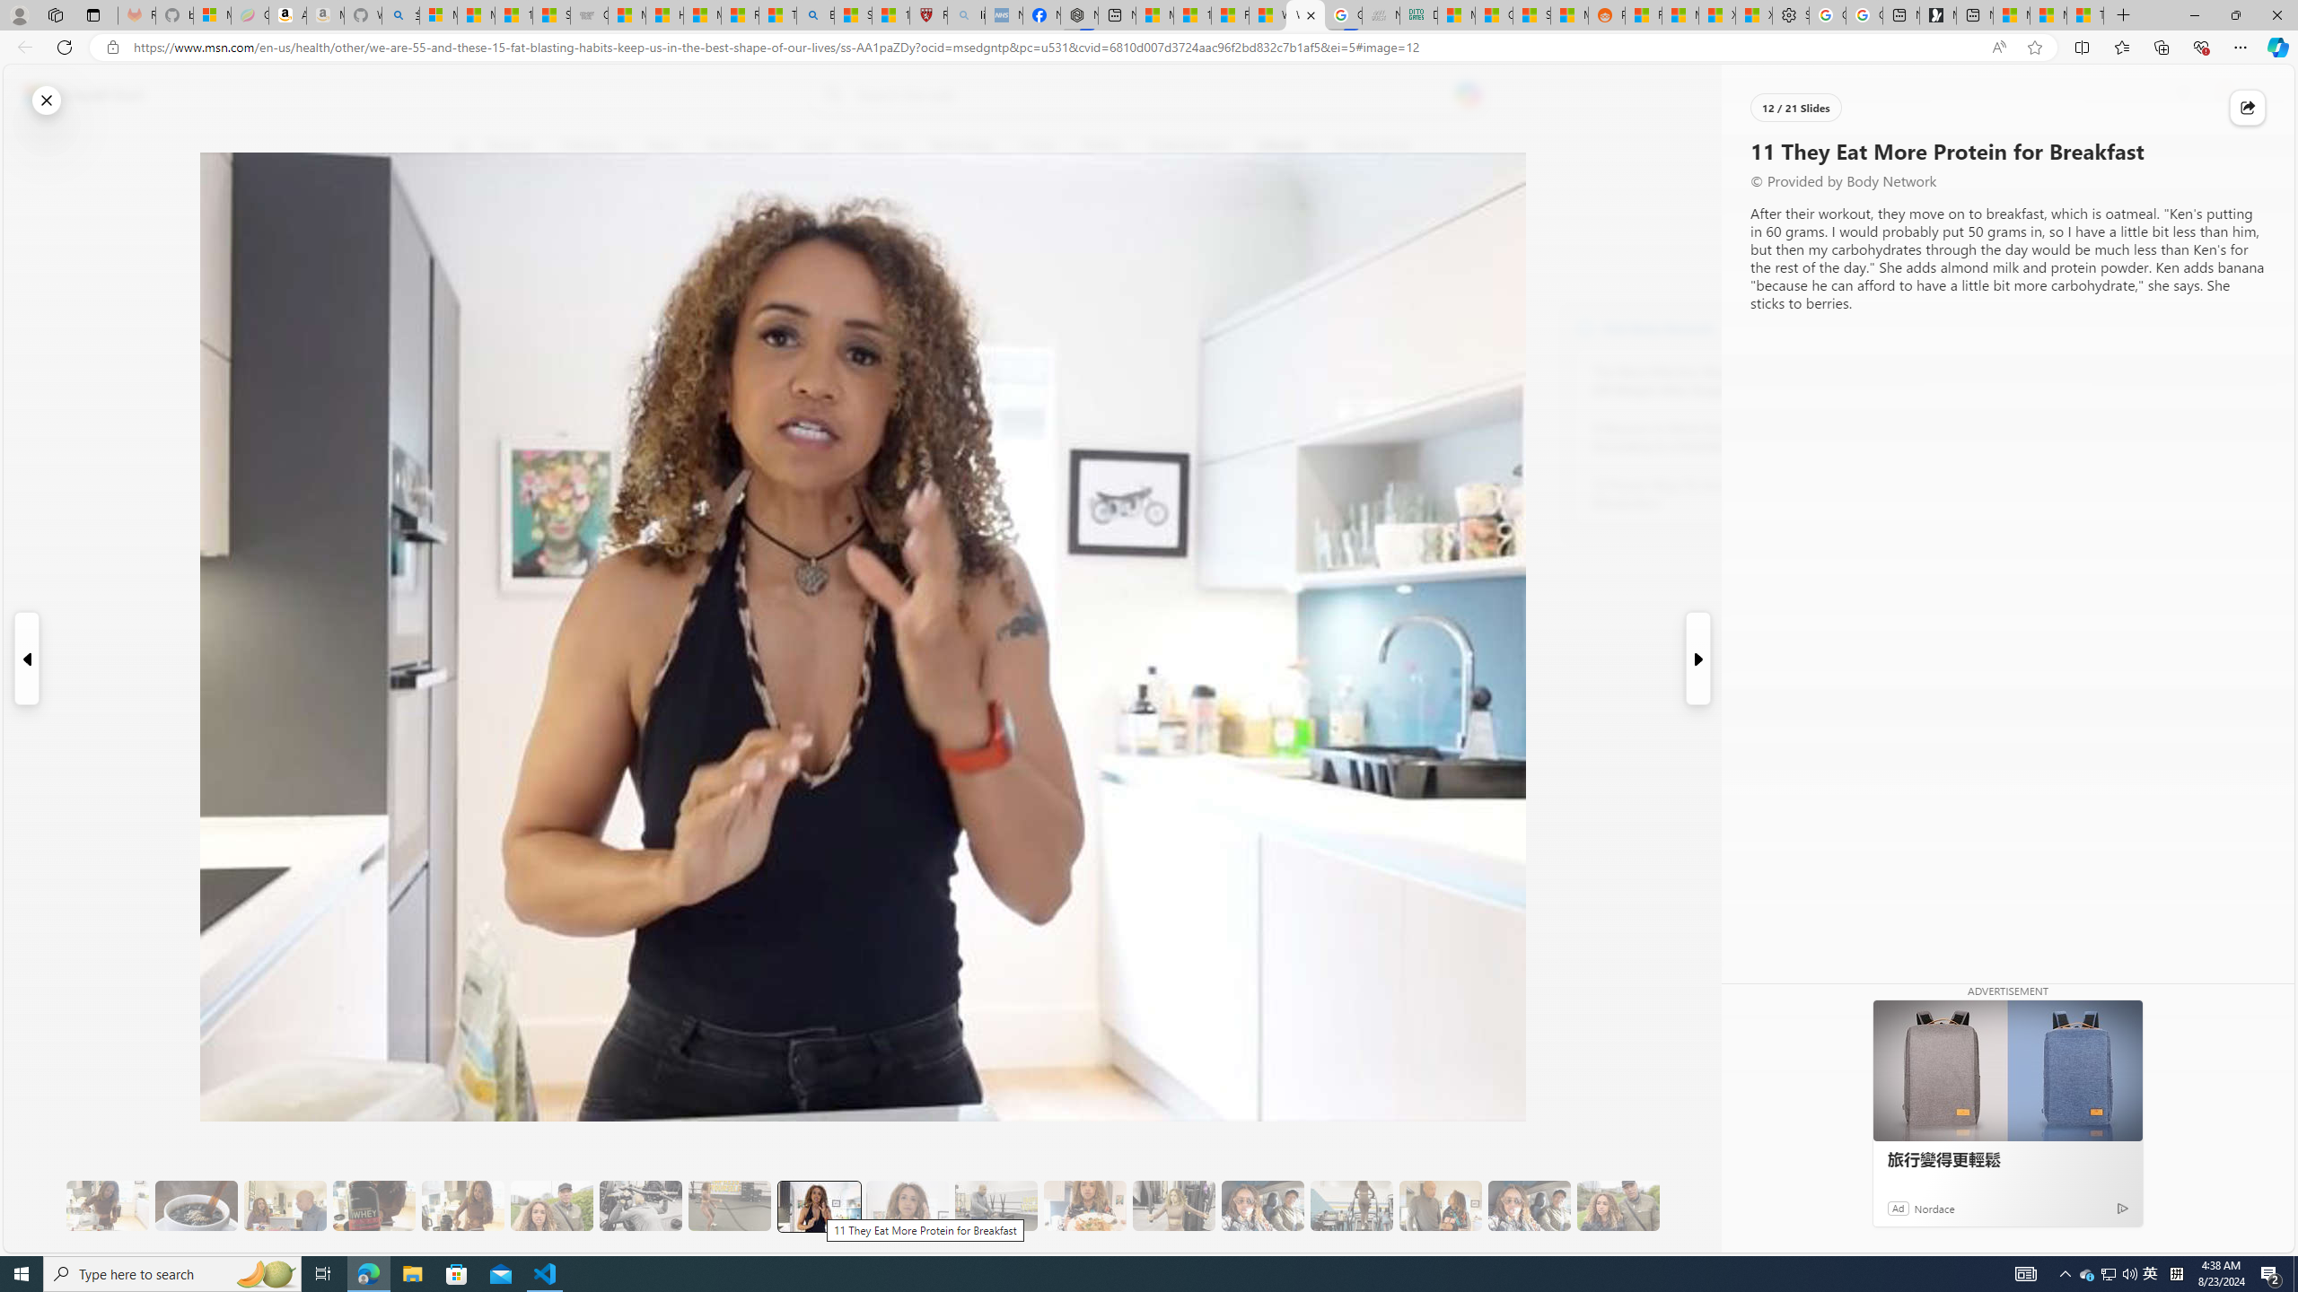 This screenshot has height=1292, width=2298. What do you see at coordinates (550, 1206) in the screenshot?
I see `'8 They Walk to the Gym'` at bounding box center [550, 1206].